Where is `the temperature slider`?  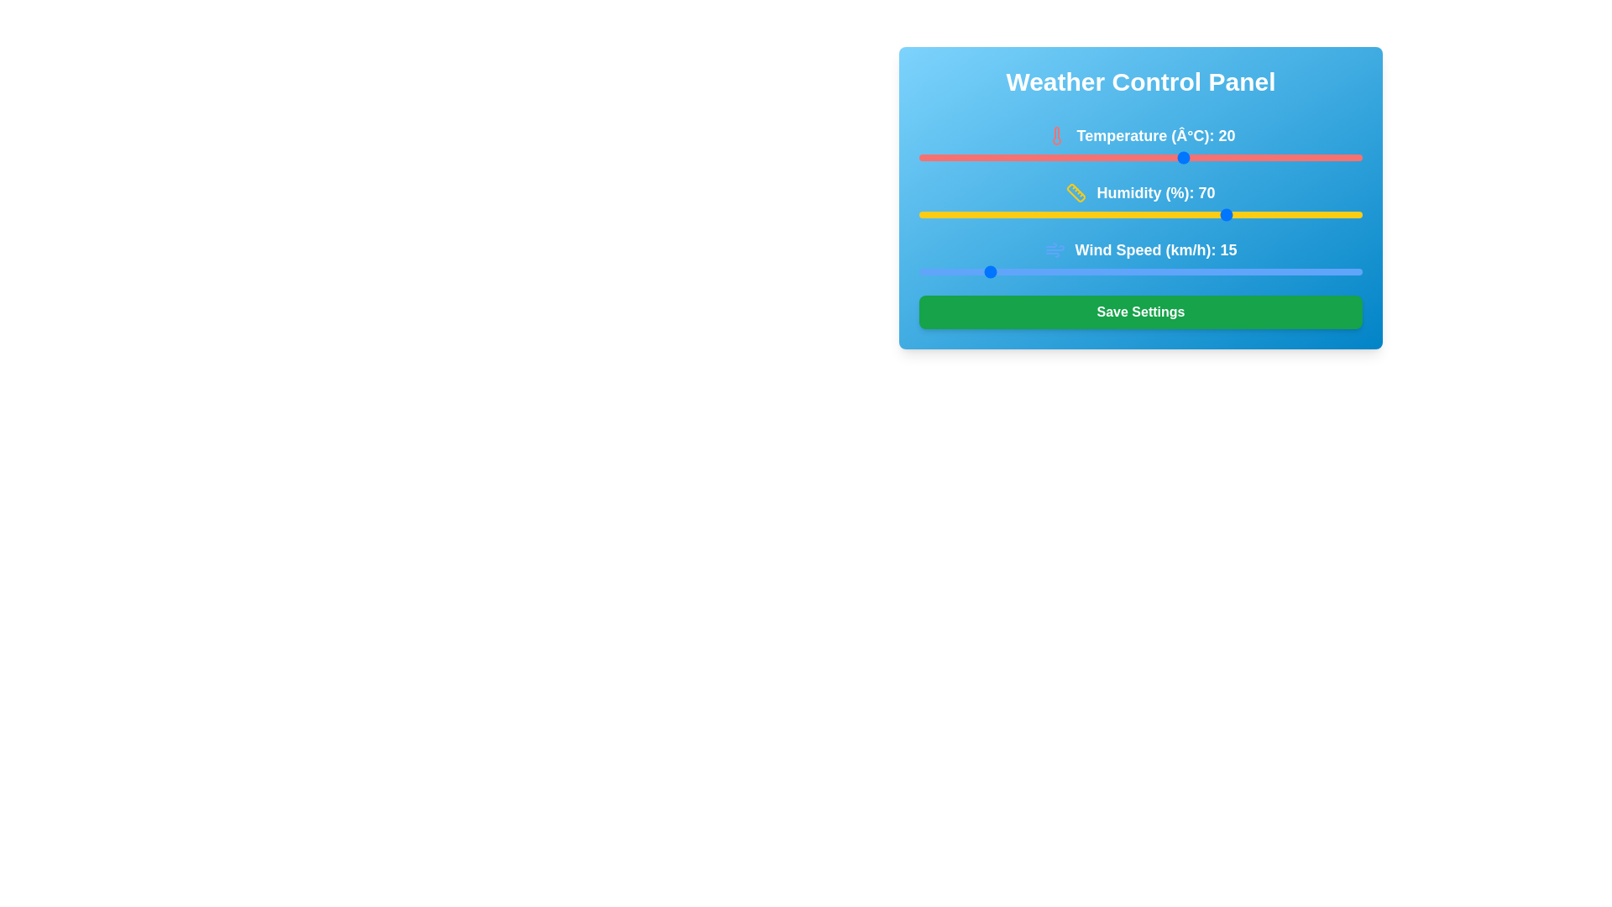 the temperature slider is located at coordinates (1238, 158).